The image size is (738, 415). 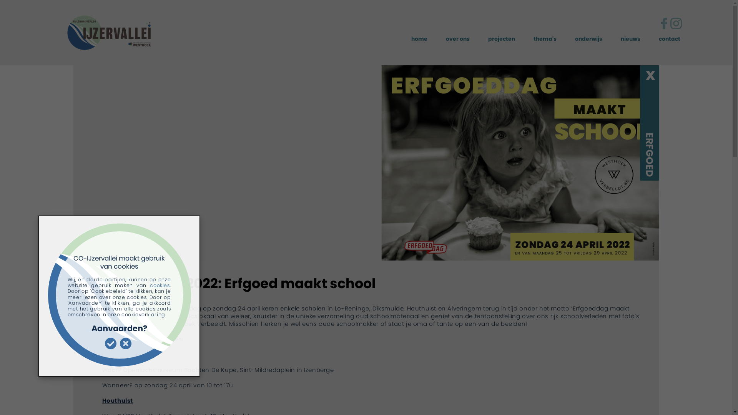 I want to click on 'thema's', so click(x=544, y=39).